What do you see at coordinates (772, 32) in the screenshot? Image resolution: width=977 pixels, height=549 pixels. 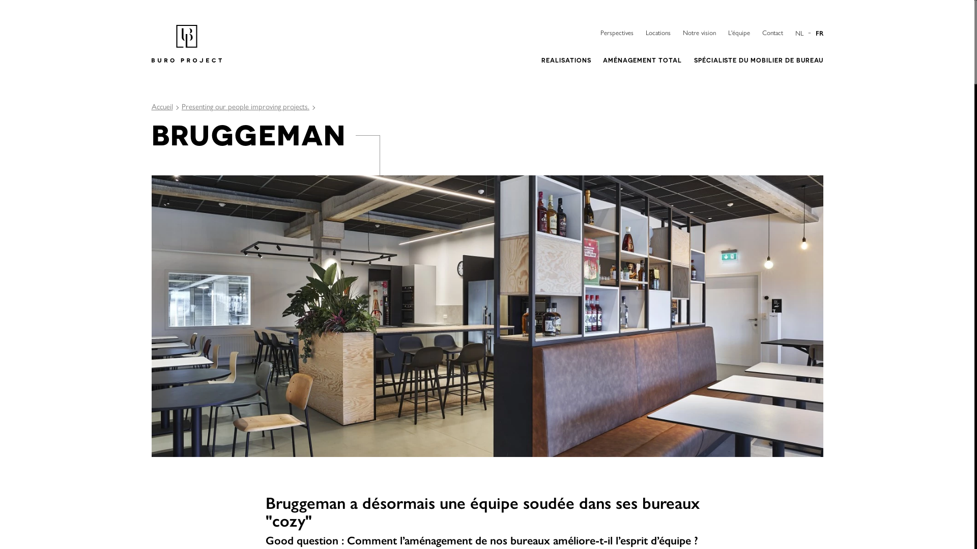 I see `'Contact'` at bounding box center [772, 32].